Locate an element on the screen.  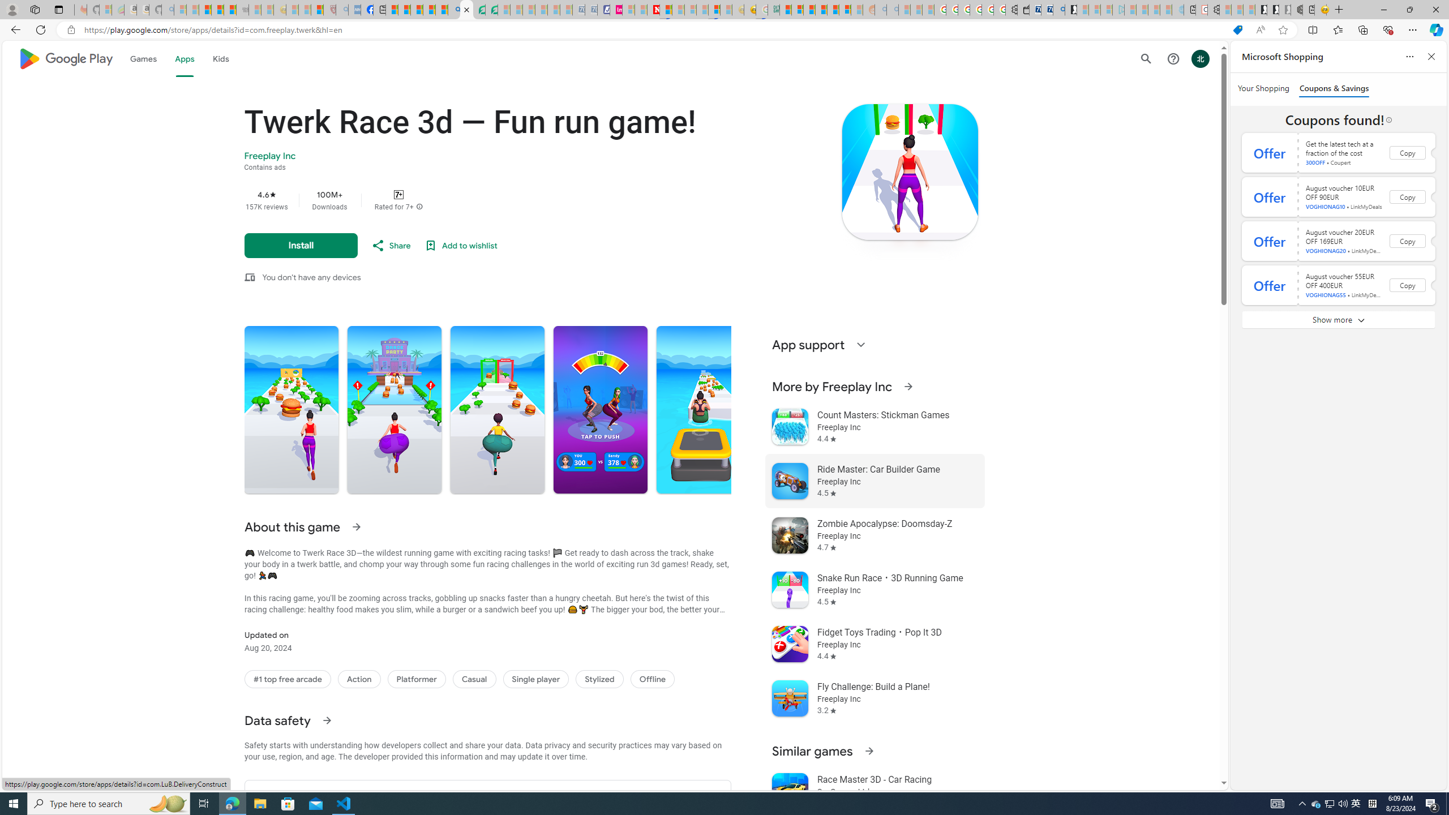
'Browser essentials' is located at coordinates (1387, 29).